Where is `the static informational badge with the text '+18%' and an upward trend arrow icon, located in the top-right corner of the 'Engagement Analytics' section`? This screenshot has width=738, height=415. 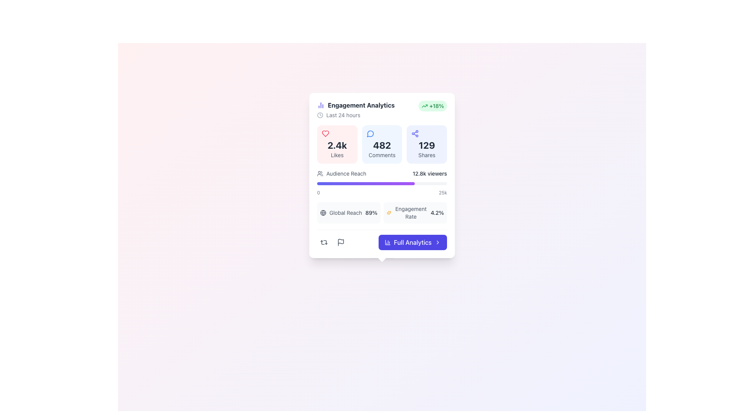 the static informational badge with the text '+18%' and an upward trend arrow icon, located in the top-right corner of the 'Engagement Analytics' section is located at coordinates (433, 106).